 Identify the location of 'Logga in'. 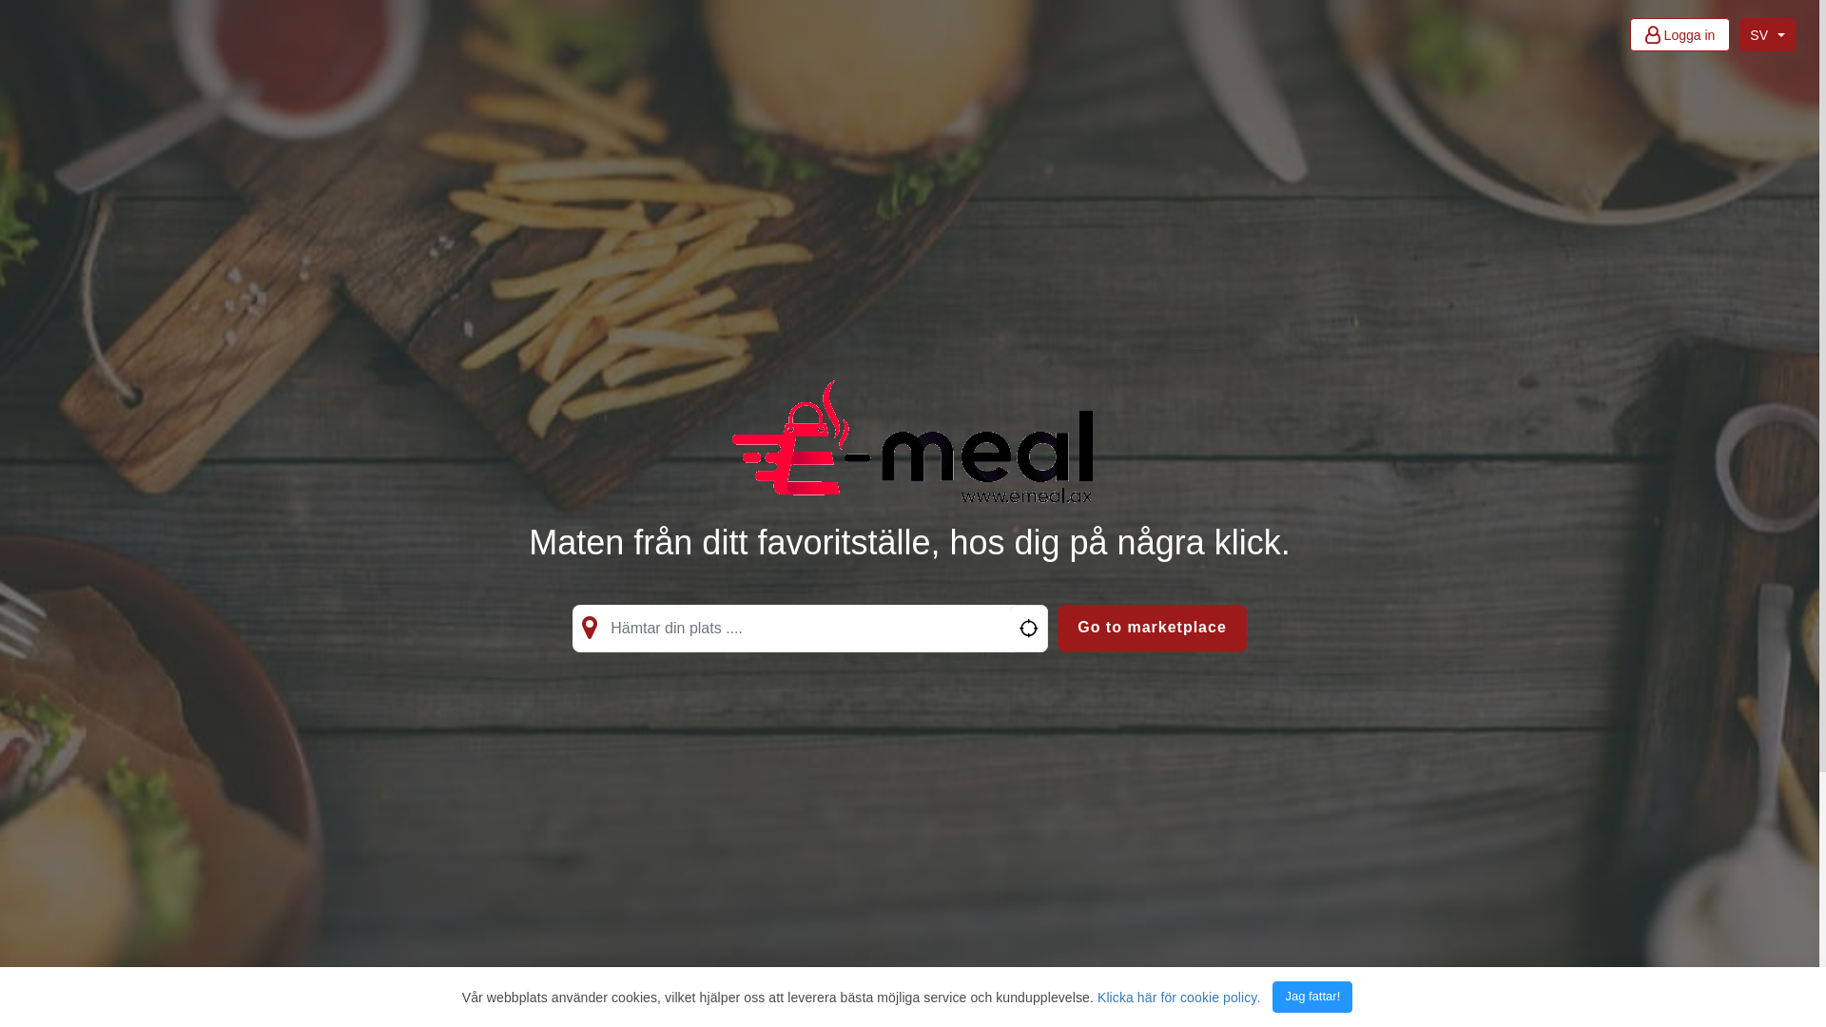
(1680, 34).